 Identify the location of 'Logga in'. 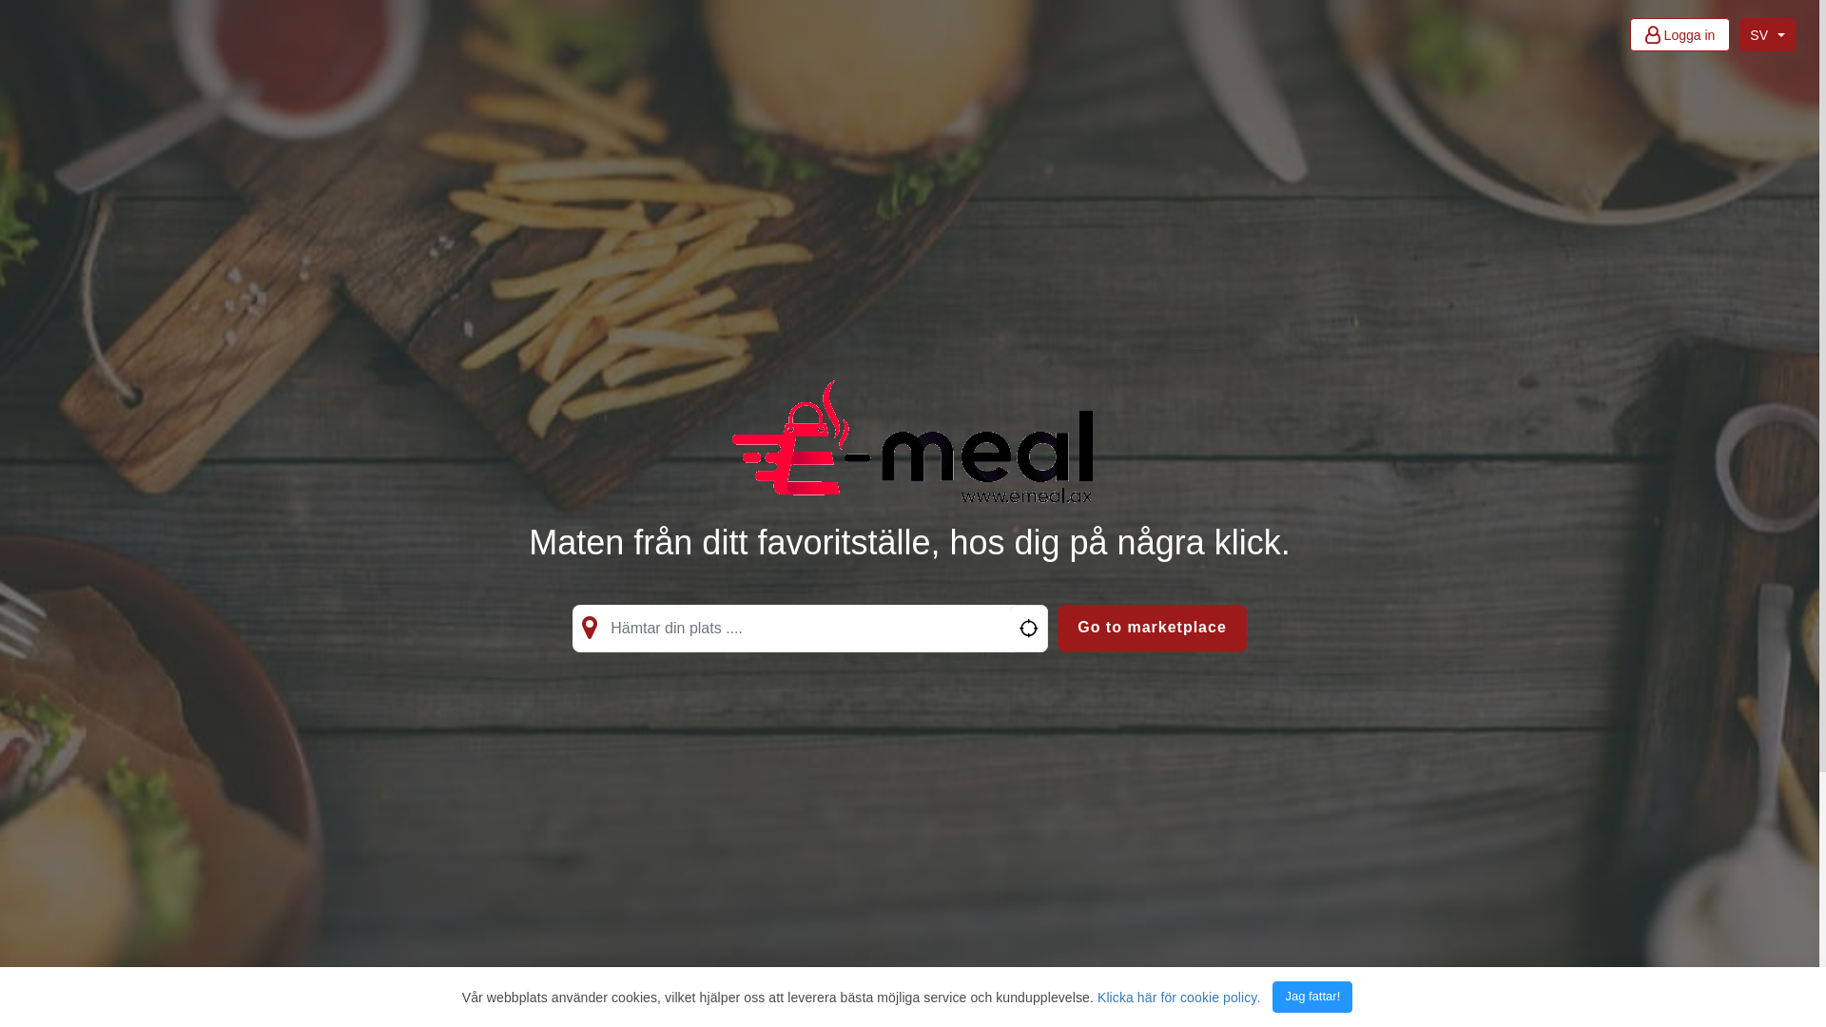
(1680, 34).